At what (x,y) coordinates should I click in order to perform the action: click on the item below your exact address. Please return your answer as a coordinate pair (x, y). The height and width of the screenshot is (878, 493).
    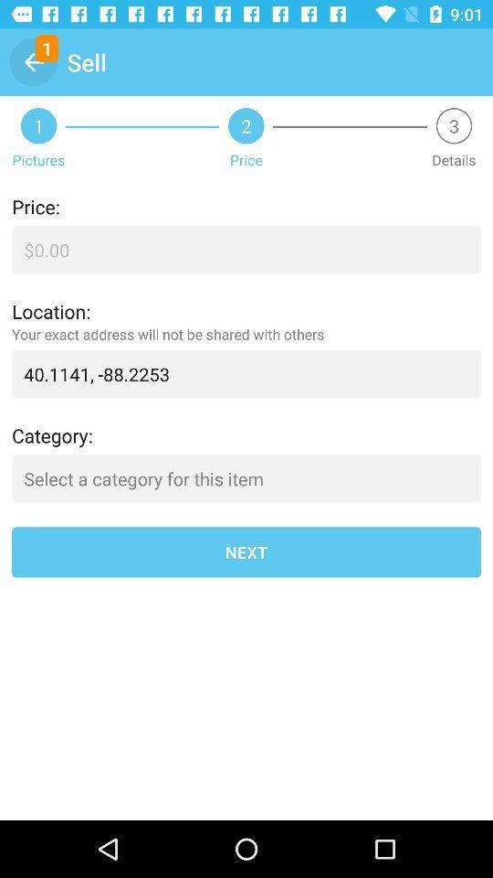
    Looking at the image, I should click on (246, 373).